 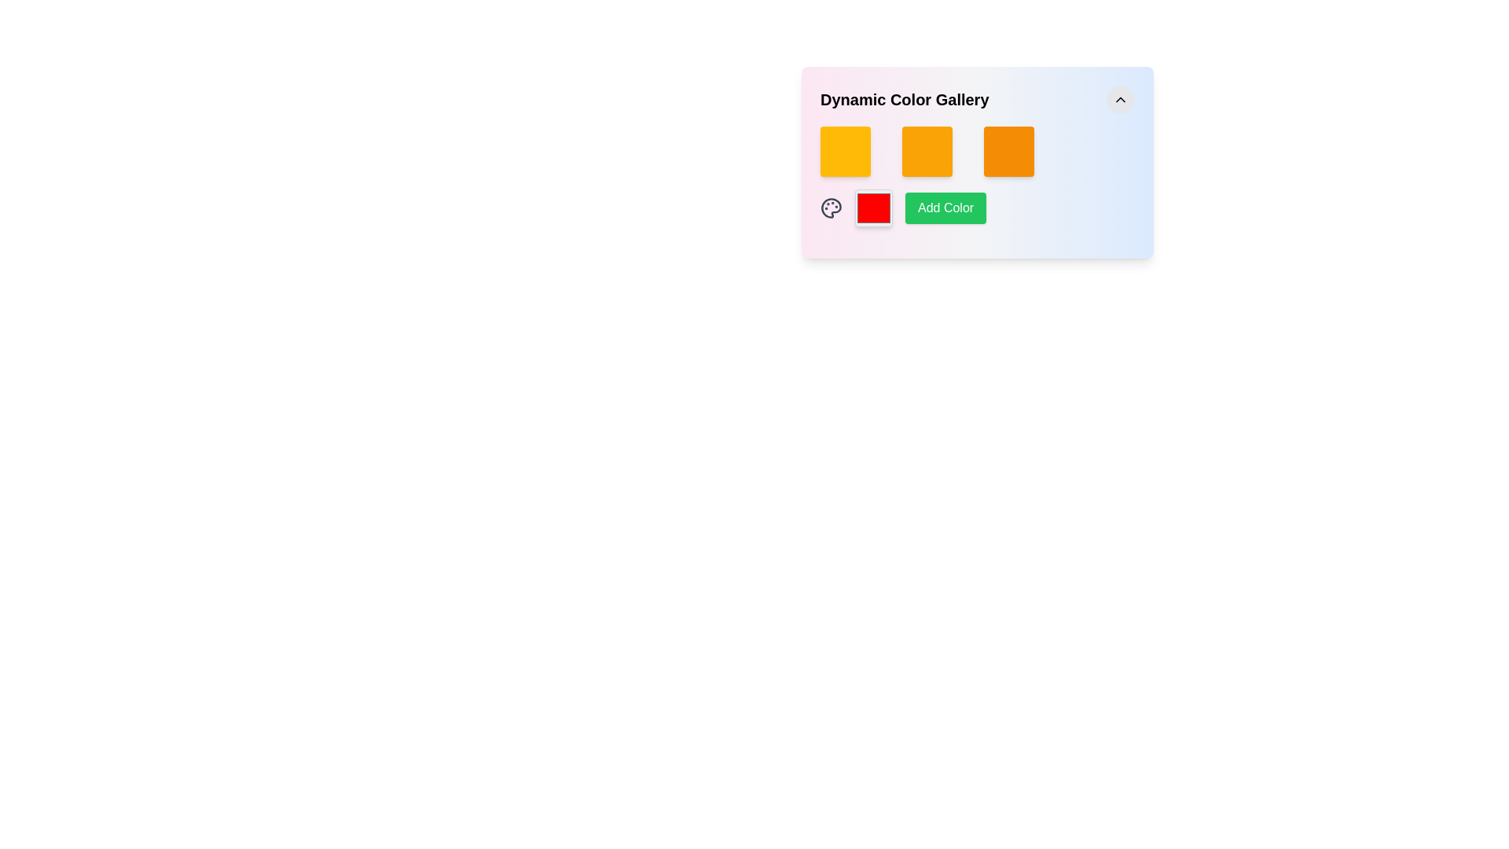 What do you see at coordinates (976, 208) in the screenshot?
I see `the green rectangular button labeled 'Add Color'` at bounding box center [976, 208].